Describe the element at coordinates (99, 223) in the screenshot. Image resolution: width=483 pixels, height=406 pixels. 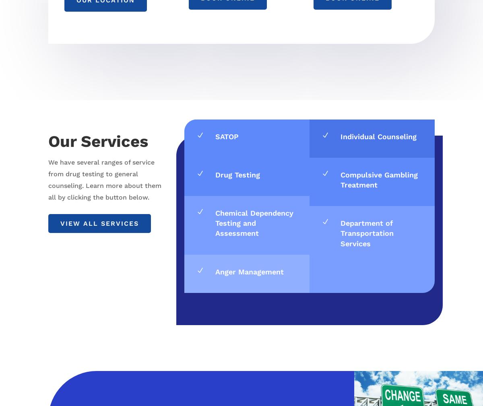
I see `'View All Services'` at that location.